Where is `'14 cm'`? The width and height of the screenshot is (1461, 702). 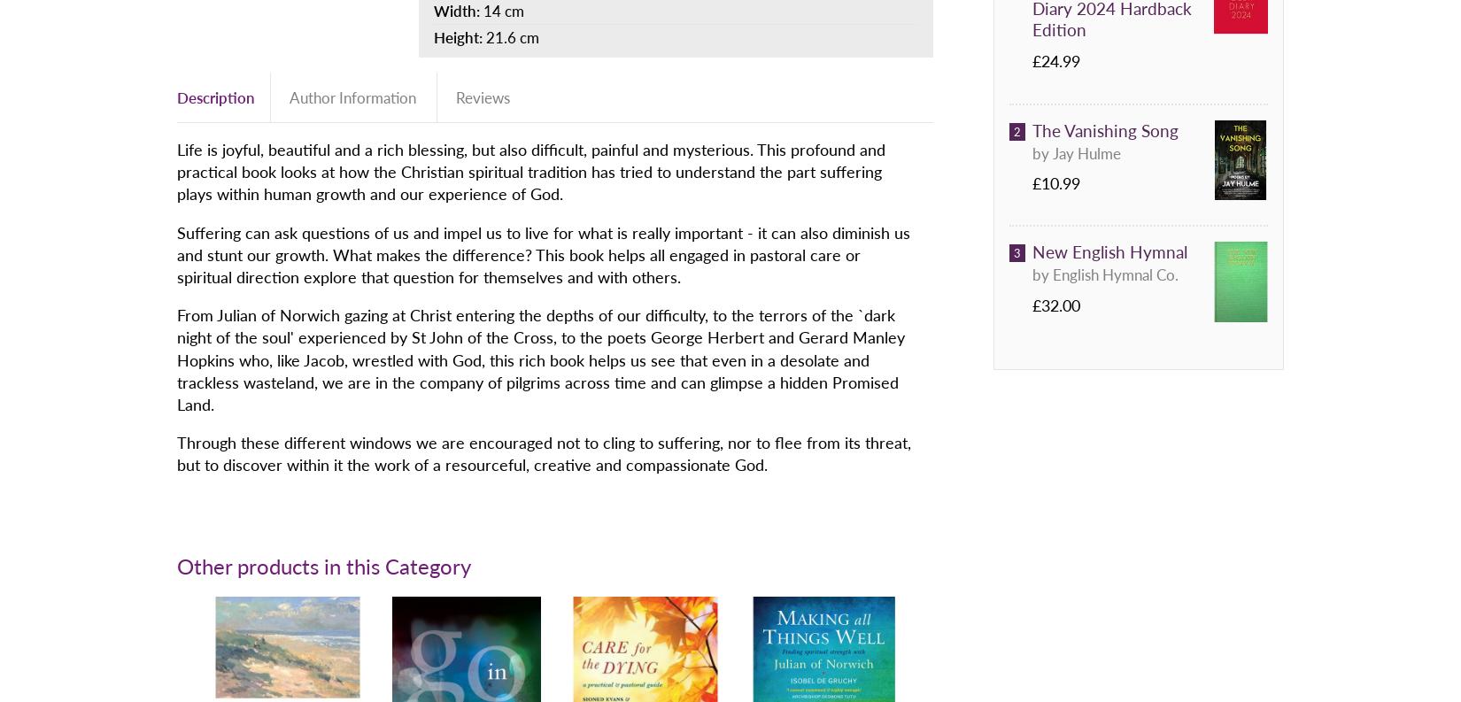 '14 cm' is located at coordinates (482, 9).